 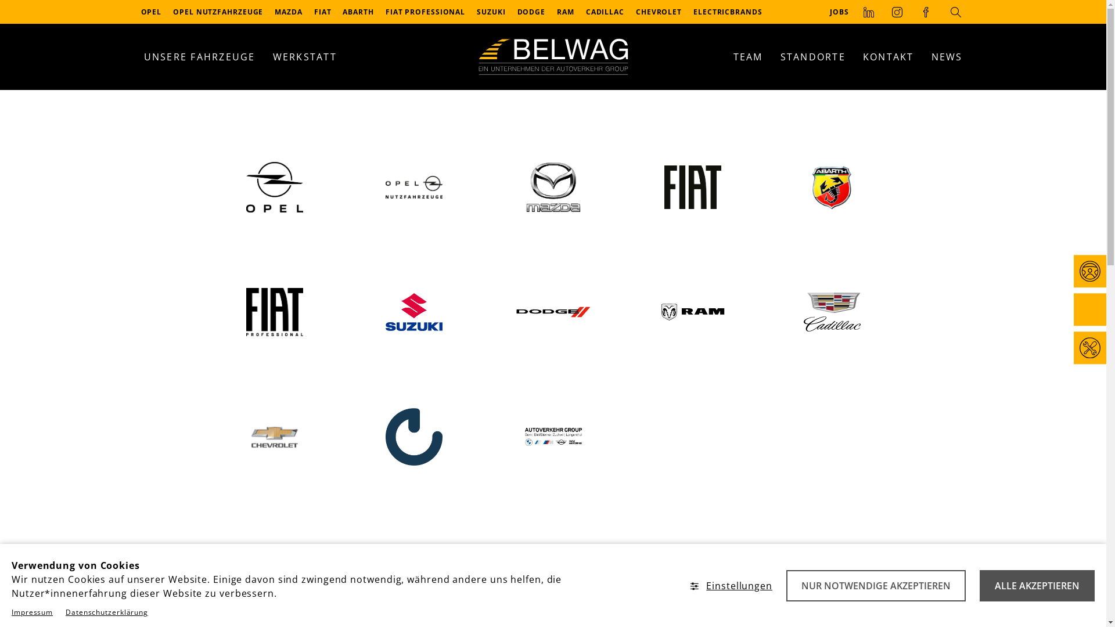 What do you see at coordinates (566, 12) in the screenshot?
I see `'RAM'` at bounding box center [566, 12].